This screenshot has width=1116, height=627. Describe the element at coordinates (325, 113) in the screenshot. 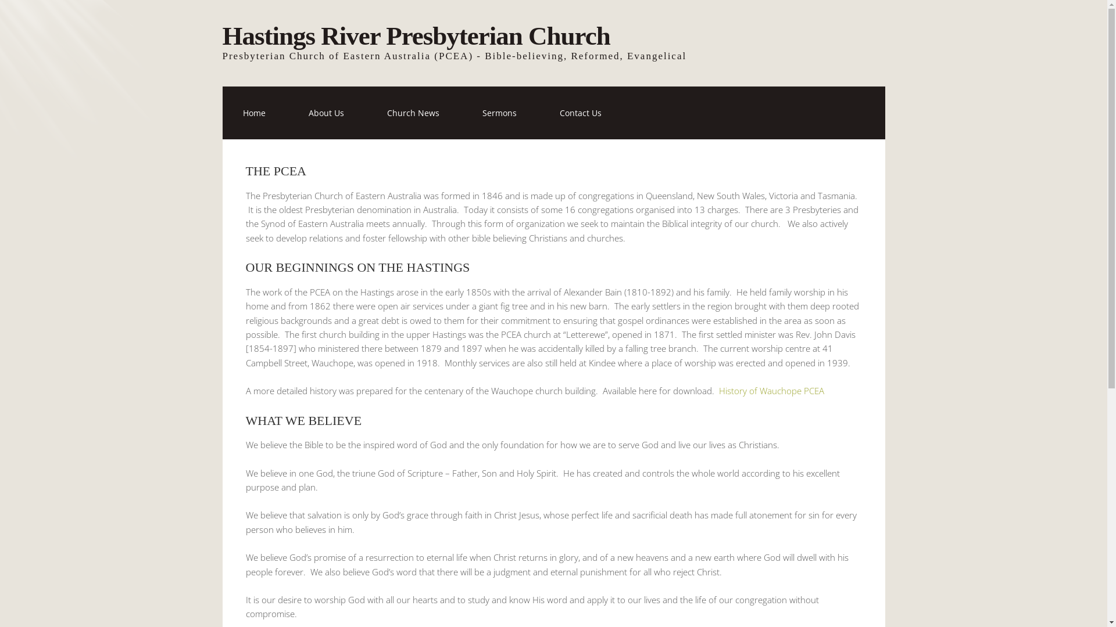

I see `'About Us'` at that location.